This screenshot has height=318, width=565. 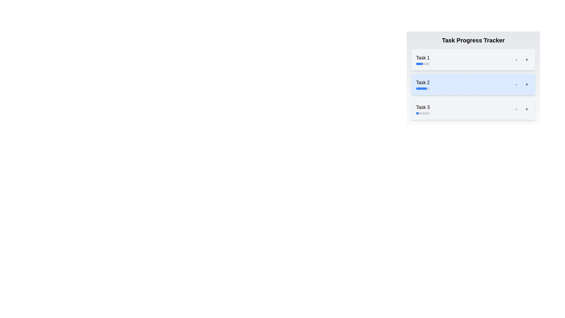 What do you see at coordinates (516, 109) in the screenshot?
I see `the Task 3 progress adjustment button (decrement)` at bounding box center [516, 109].